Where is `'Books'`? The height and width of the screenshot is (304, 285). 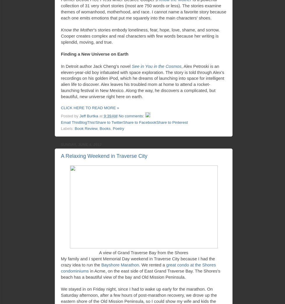 'Books' is located at coordinates (105, 128).